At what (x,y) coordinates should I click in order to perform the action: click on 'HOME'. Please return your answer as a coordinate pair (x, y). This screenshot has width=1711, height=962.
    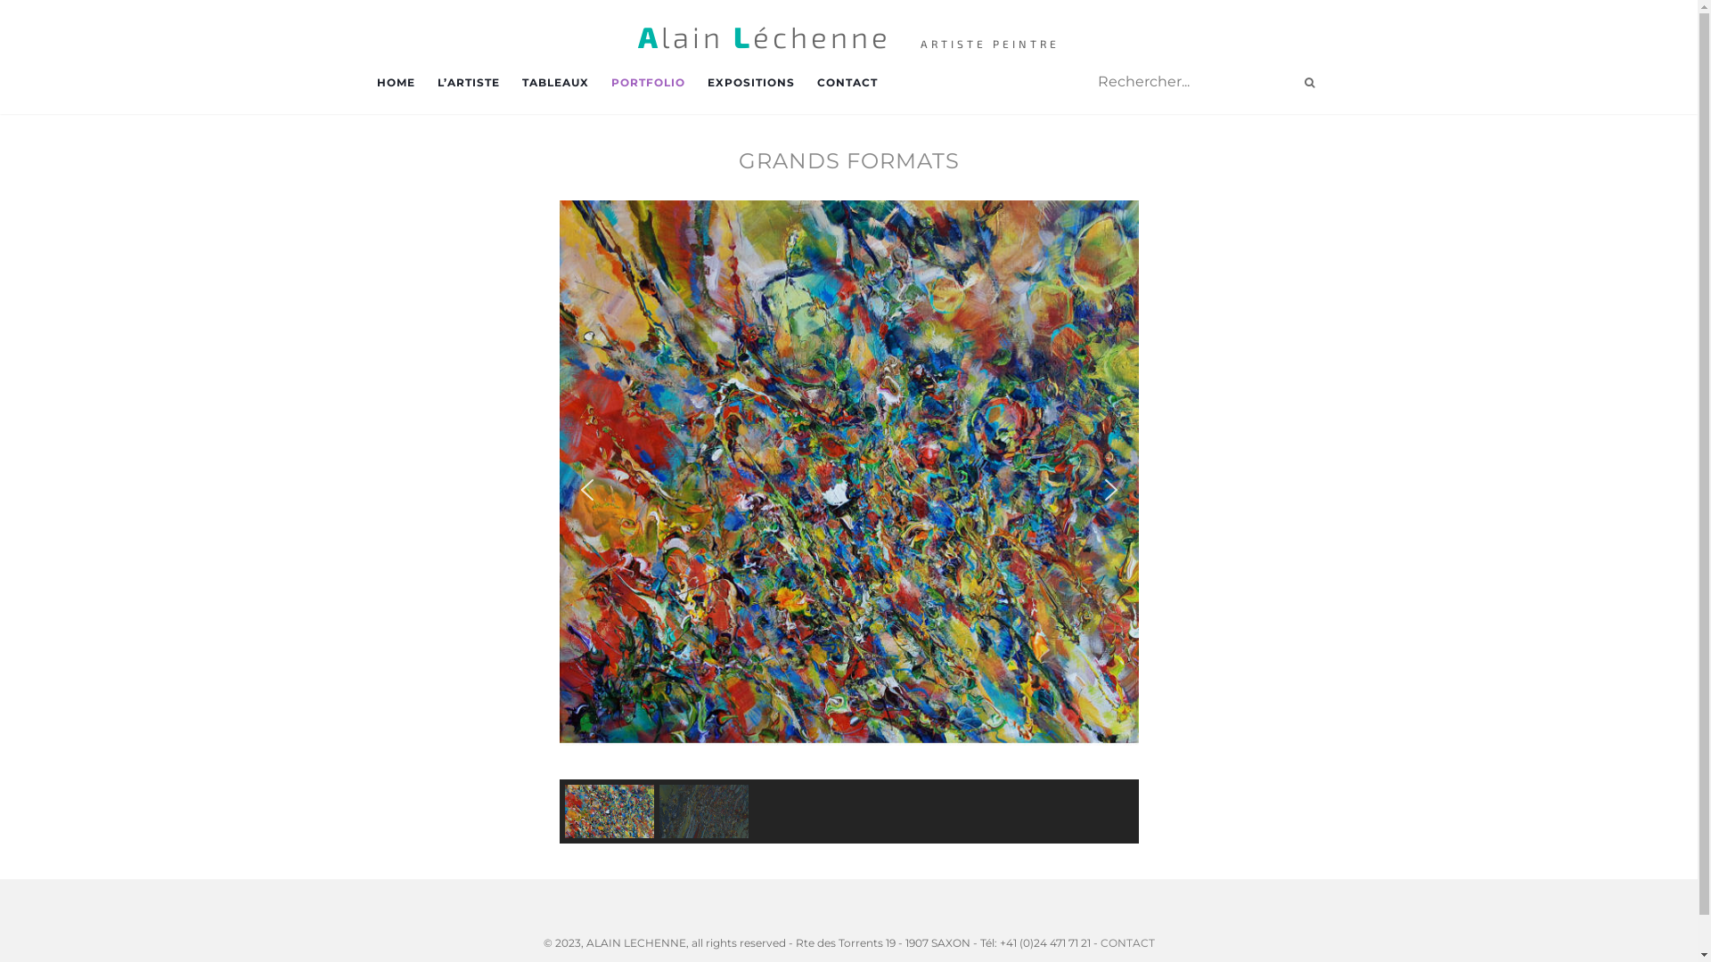
    Looking at the image, I should click on (375, 82).